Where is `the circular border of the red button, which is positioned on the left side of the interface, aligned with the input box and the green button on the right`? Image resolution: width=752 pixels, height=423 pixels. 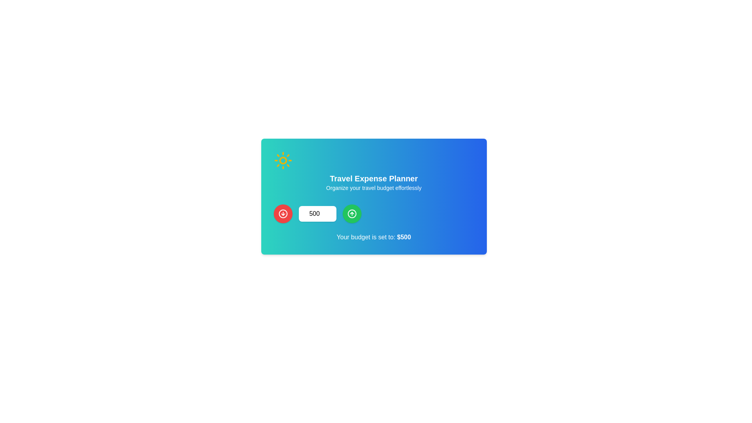
the circular border of the red button, which is positioned on the left side of the interface, aligned with the input box and the green button on the right is located at coordinates (282, 214).